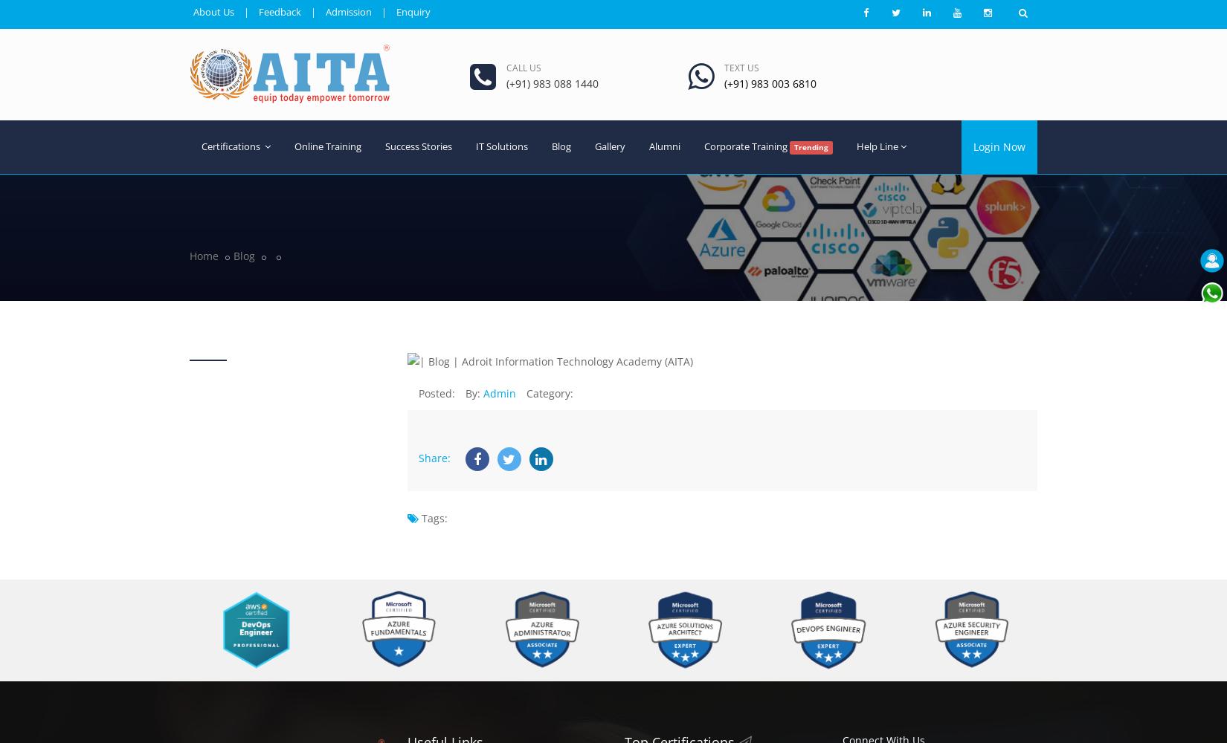  What do you see at coordinates (204, 254) in the screenshot?
I see `'Home'` at bounding box center [204, 254].